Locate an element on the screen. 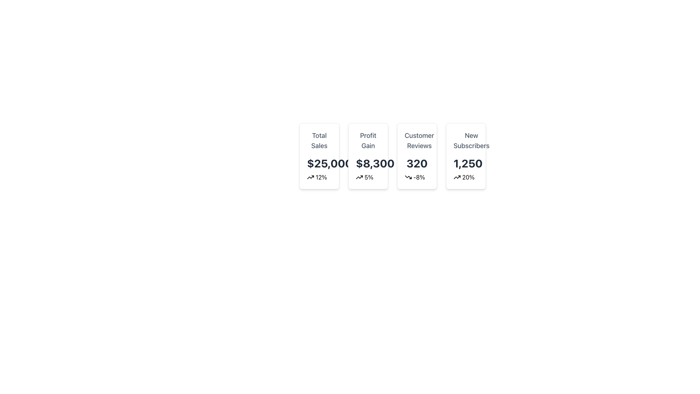  the small upward trending green arrow icon located to the left of the '20%' text within the 'New Subscribers' card is located at coordinates (456, 177).